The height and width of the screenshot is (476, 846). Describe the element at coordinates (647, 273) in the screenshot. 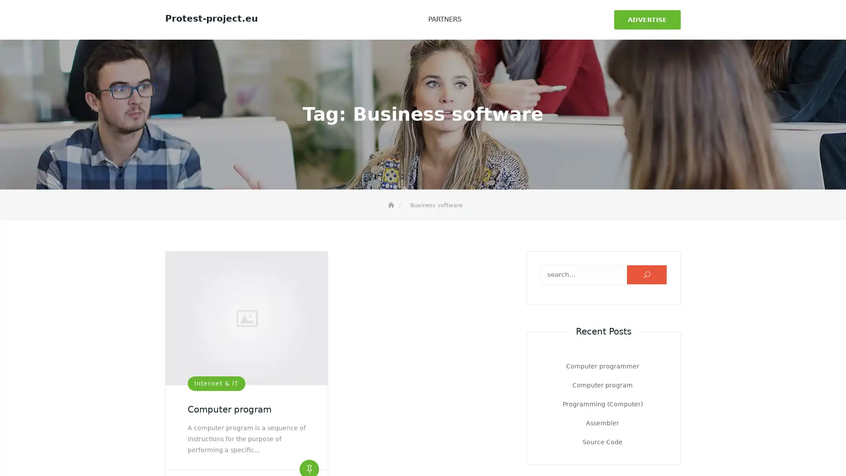

I see `U` at that location.